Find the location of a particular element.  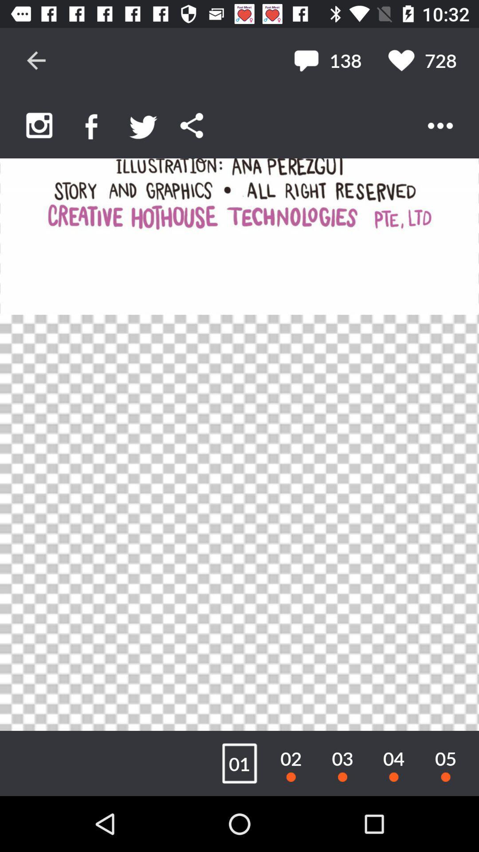

share web page is located at coordinates (191, 125).